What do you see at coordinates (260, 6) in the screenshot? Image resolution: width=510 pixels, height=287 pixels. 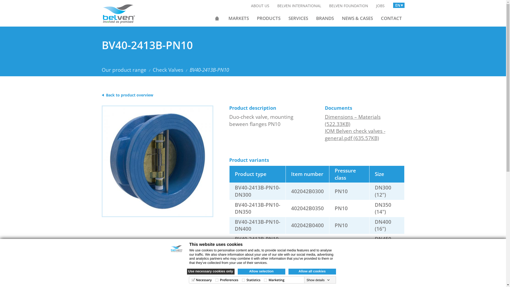 I see `'ABOUT US'` at bounding box center [260, 6].